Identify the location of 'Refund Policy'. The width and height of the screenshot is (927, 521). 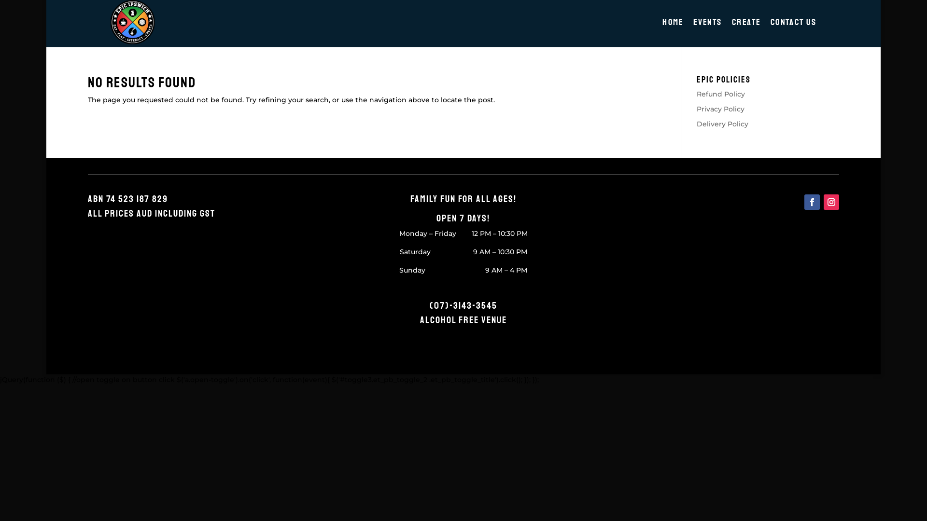
(697, 94).